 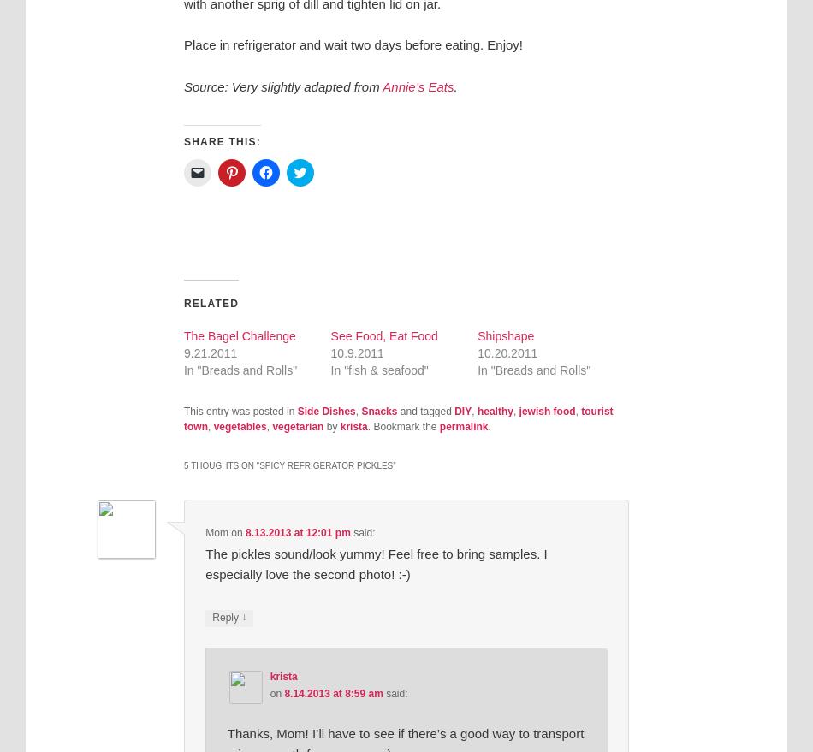 What do you see at coordinates (296, 531) in the screenshot?
I see `'8.13.2013 at 12:01 pm'` at bounding box center [296, 531].